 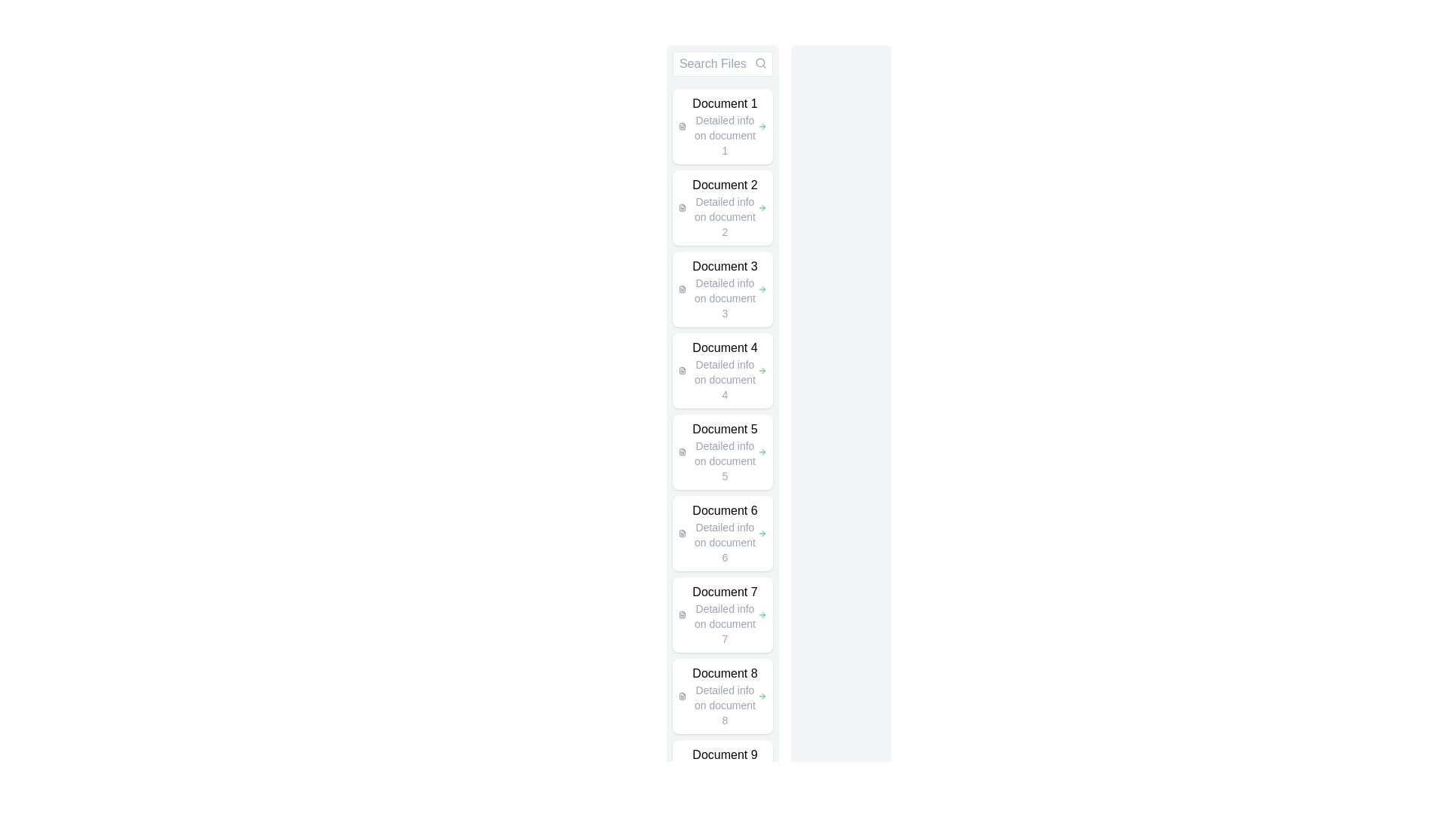 What do you see at coordinates (725, 533) in the screenshot?
I see `the text label providing informative details about Document 6, which is the sixth item in a vertical list of documents aligned on the left side of the interface` at bounding box center [725, 533].